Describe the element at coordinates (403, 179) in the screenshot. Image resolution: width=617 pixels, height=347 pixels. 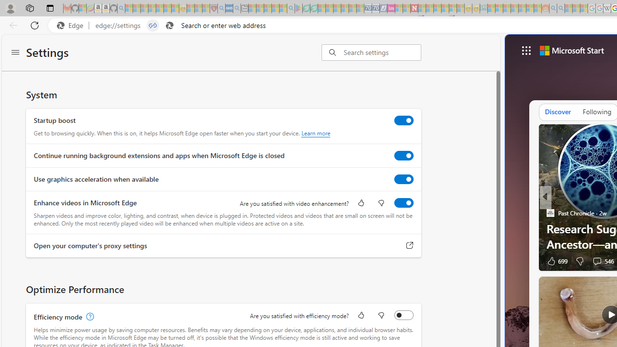
I see `'Use graphics acceleration when available'` at that location.